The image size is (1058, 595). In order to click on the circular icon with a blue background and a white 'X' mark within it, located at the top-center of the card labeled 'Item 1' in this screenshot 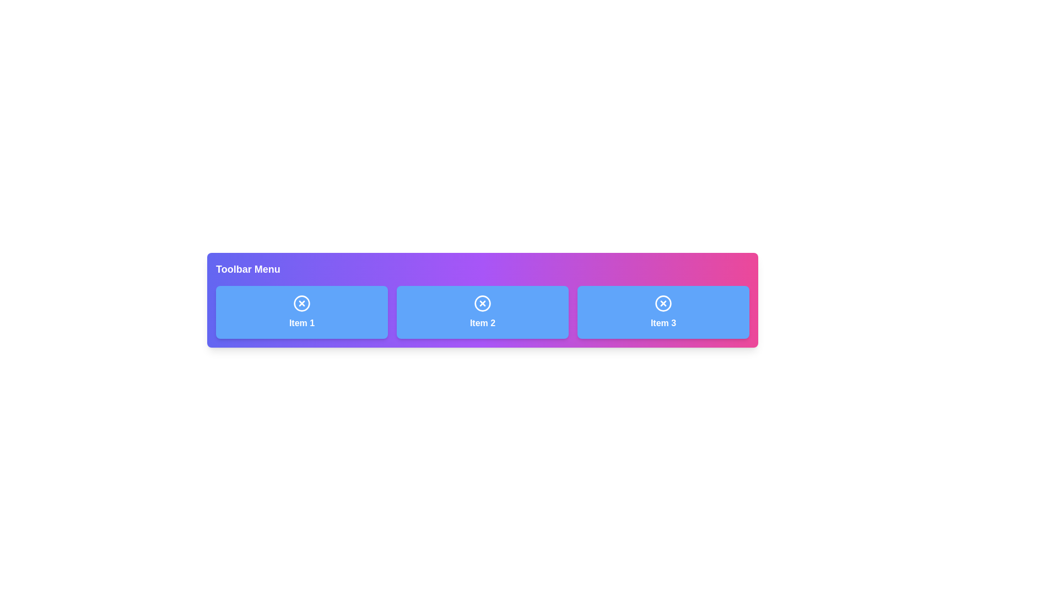, I will do `click(301, 304)`.